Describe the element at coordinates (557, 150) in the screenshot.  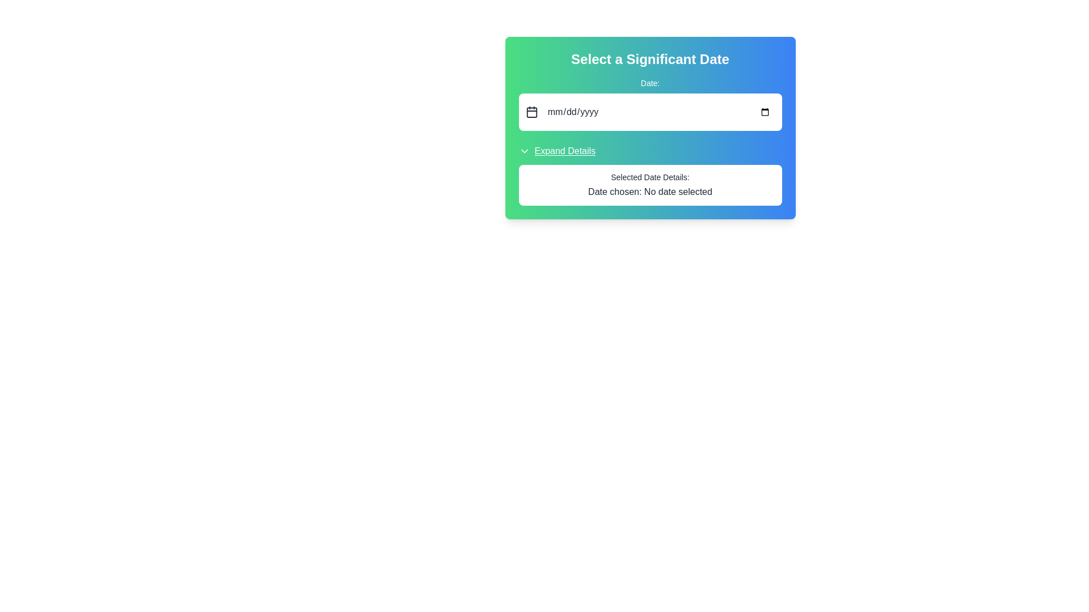
I see `the button located beneath the date input field with placeholder 'mm/dd/yyyy'` at that location.